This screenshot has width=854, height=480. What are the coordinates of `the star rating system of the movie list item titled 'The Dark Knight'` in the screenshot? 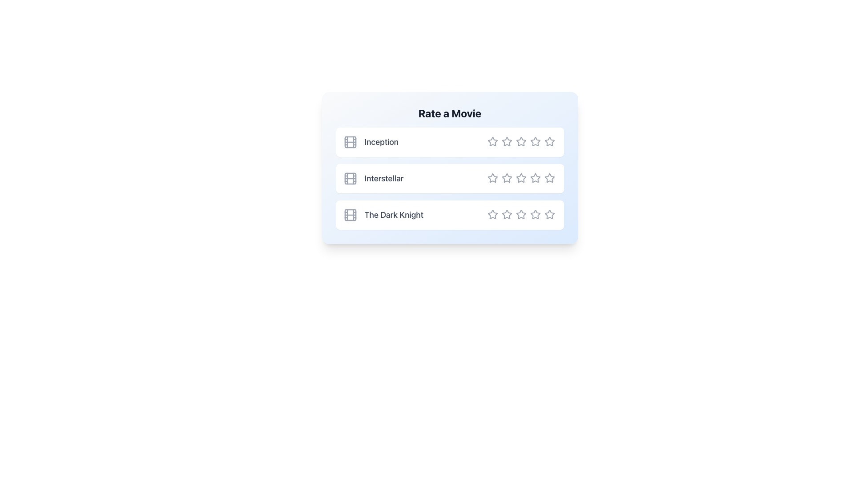 It's located at (450, 215).